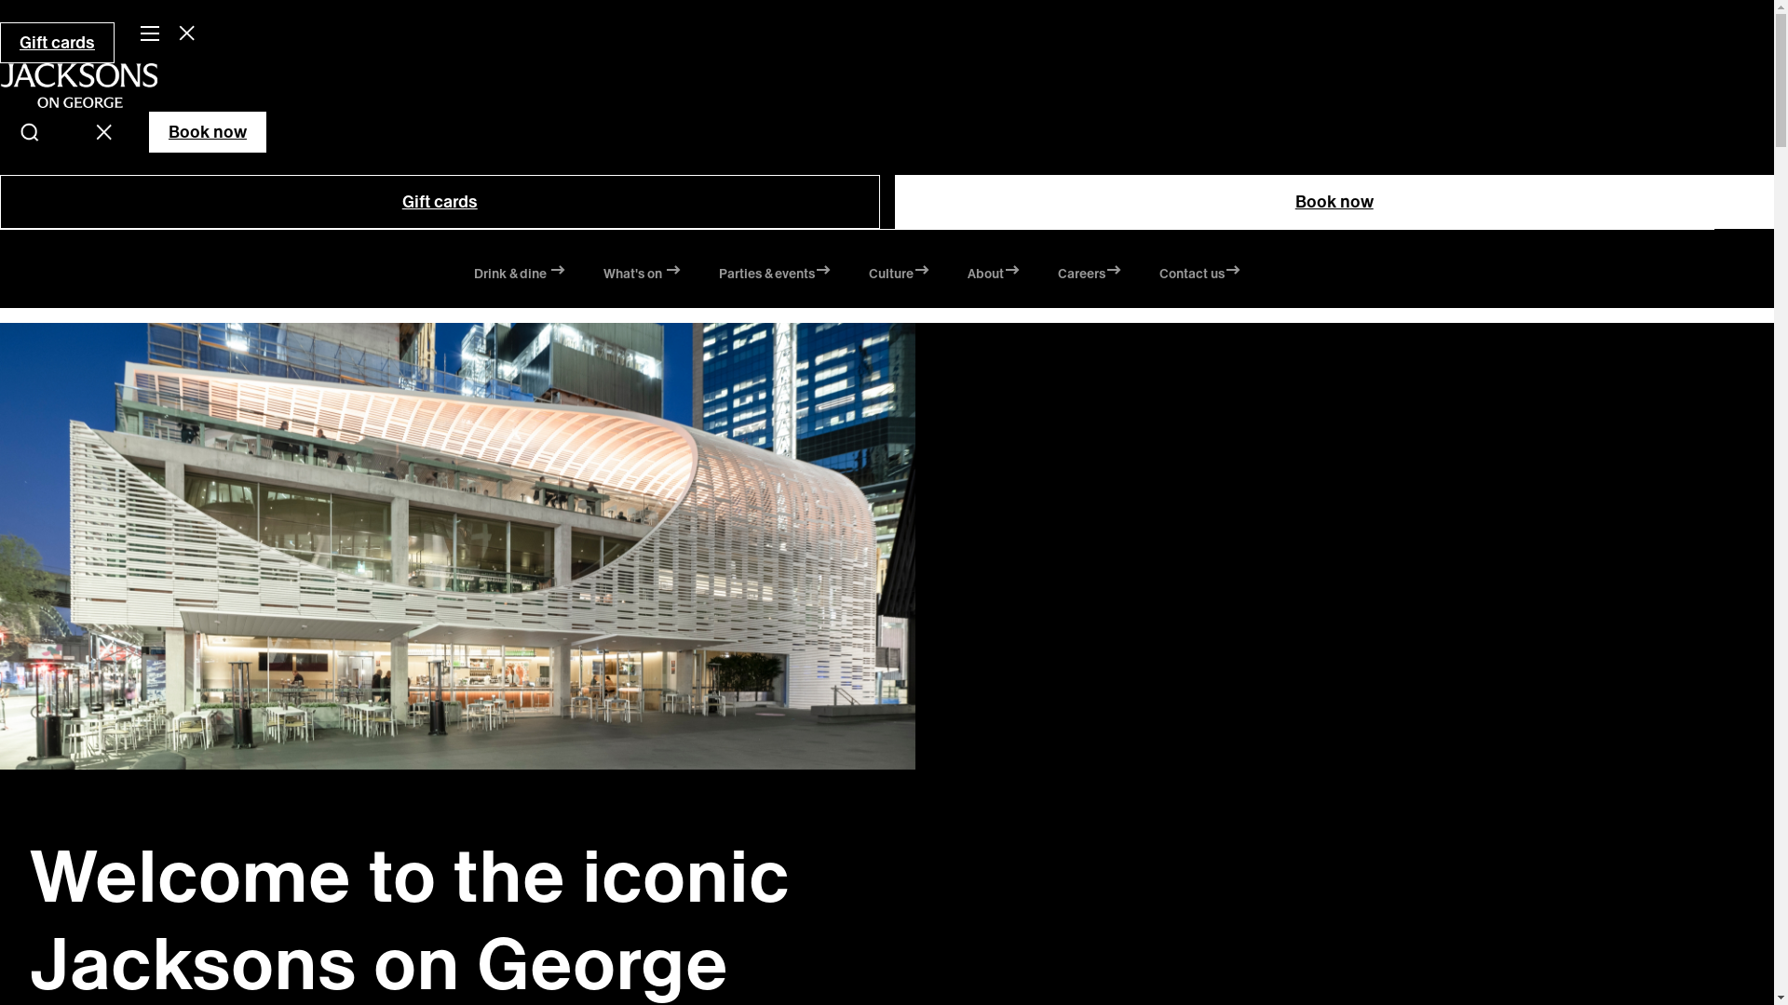  I want to click on 'What's on', so click(643, 276).